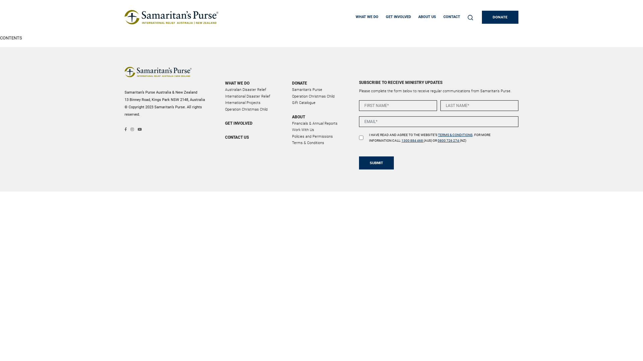 The height and width of the screenshot is (361, 643). I want to click on 'WHAT WE DO', so click(366, 17).